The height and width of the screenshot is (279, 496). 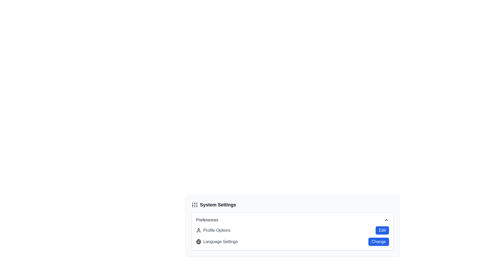 What do you see at coordinates (217, 230) in the screenshot?
I see `the Text Label that identifies the profile settings and preferences, positioned to the right of the user profile icon in the 'Preferences' section of the 'System Settings' panel` at bounding box center [217, 230].